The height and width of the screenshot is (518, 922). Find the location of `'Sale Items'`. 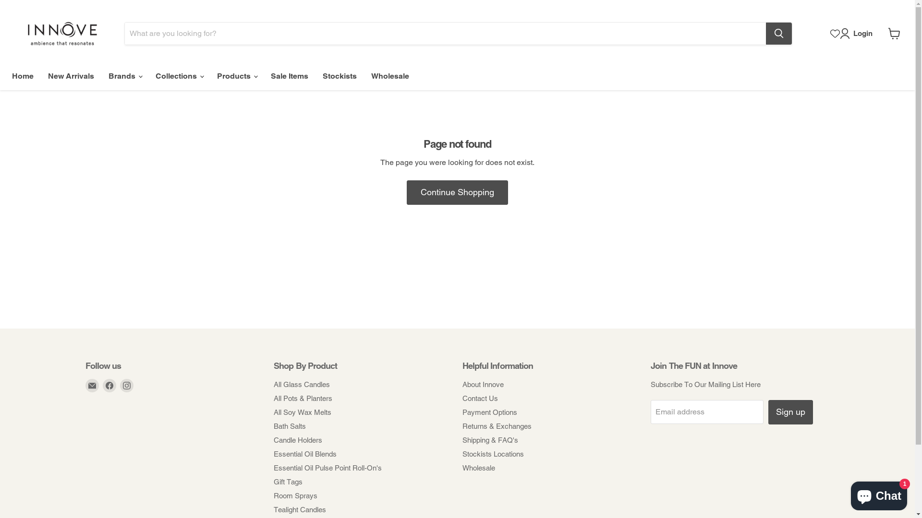

'Sale Items' is located at coordinates (289, 75).